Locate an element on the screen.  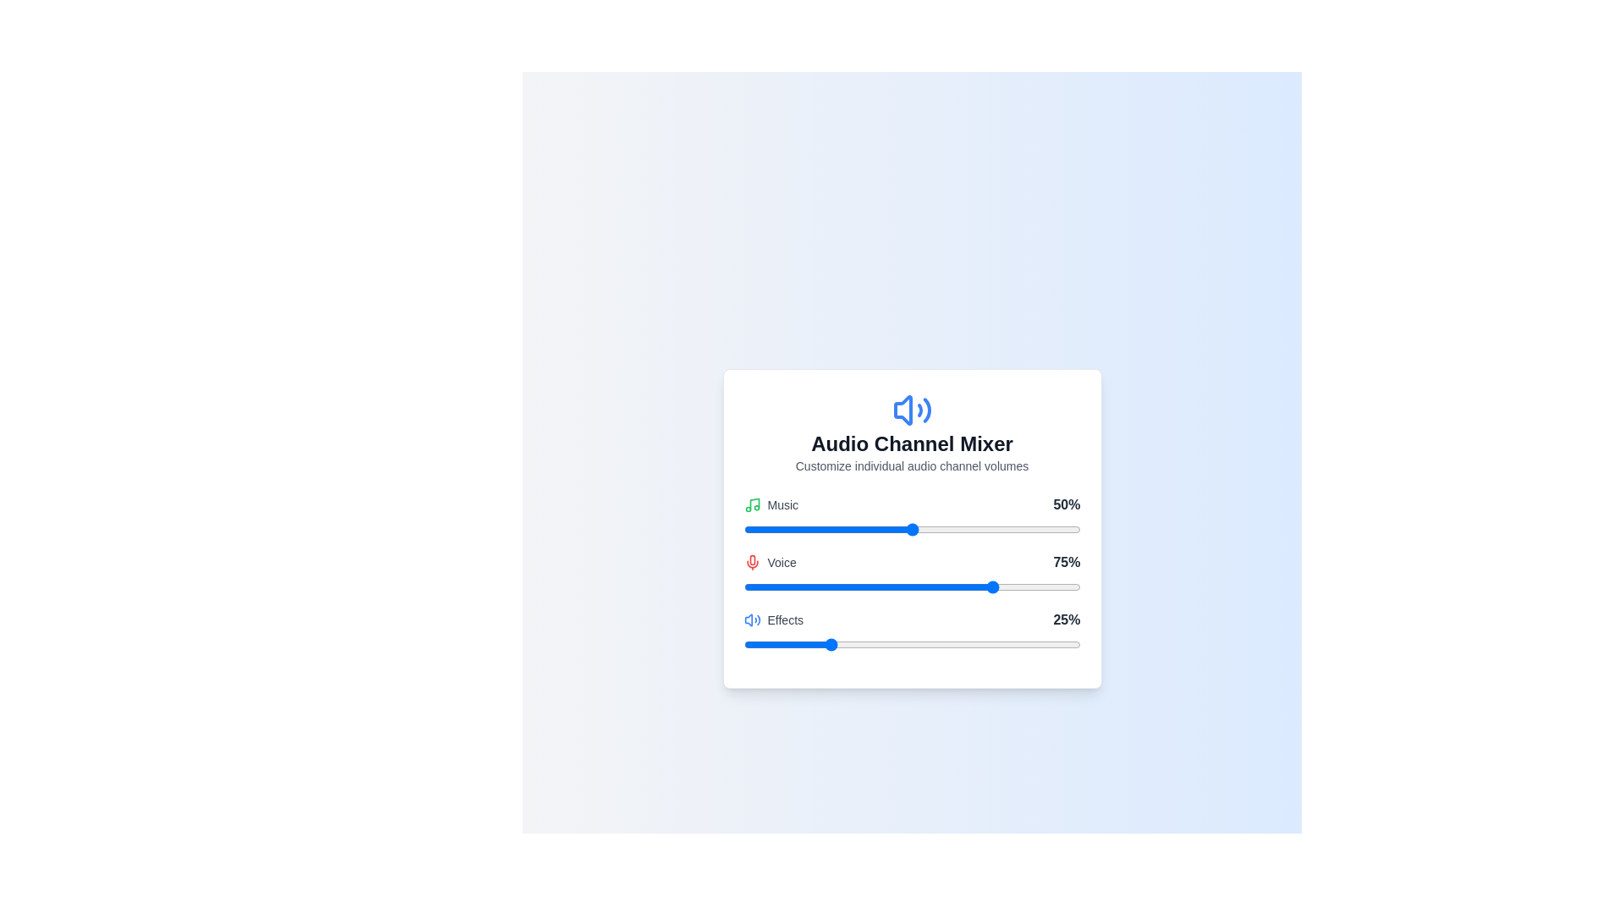
the 'Voice' label with the red microphone icon and bold '75%' text to focus on adjusting the volume of the Voice audio channel is located at coordinates (911, 562).